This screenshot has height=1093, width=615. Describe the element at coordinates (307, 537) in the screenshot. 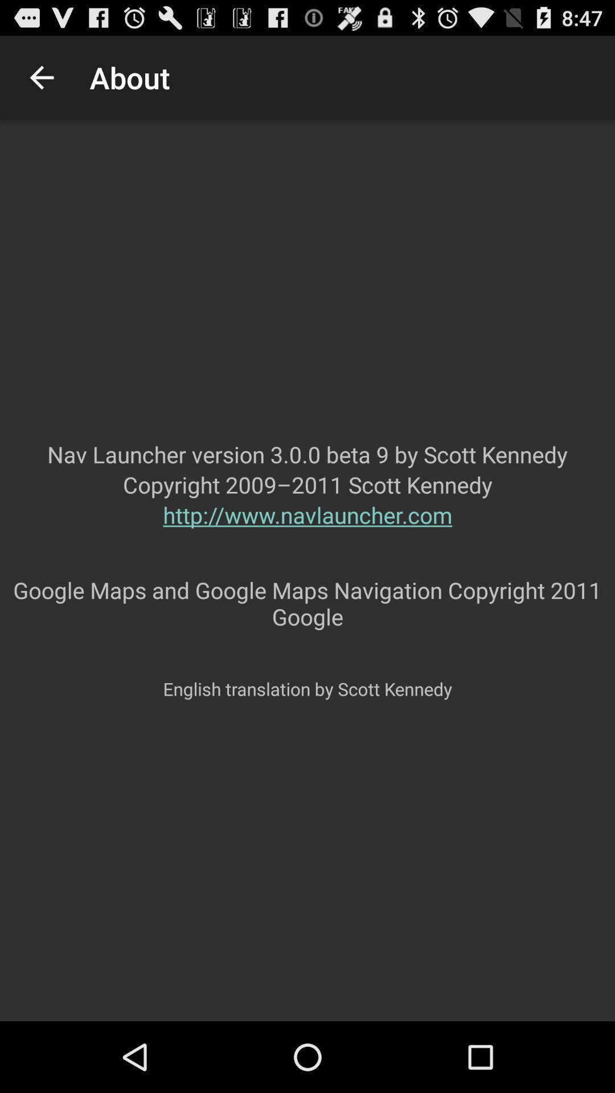

I see `the http www navlauncher item` at that location.